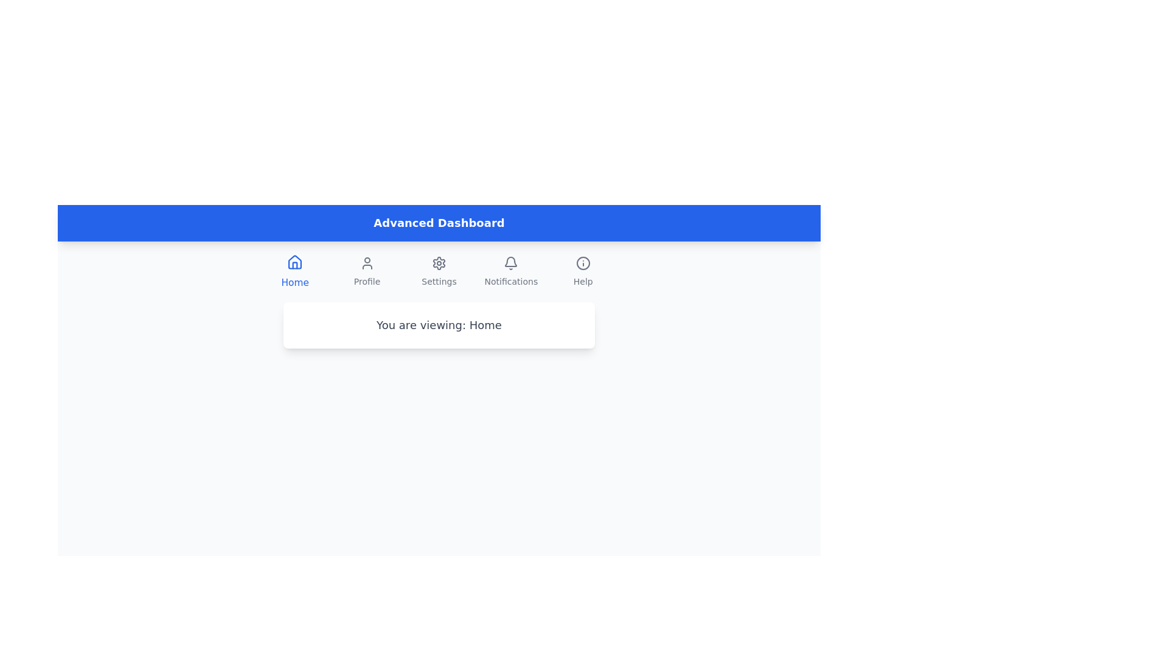 This screenshot has height=657, width=1168. What do you see at coordinates (582, 271) in the screenshot?
I see `the help button located at the end of the menu to activate the hover effect` at bounding box center [582, 271].